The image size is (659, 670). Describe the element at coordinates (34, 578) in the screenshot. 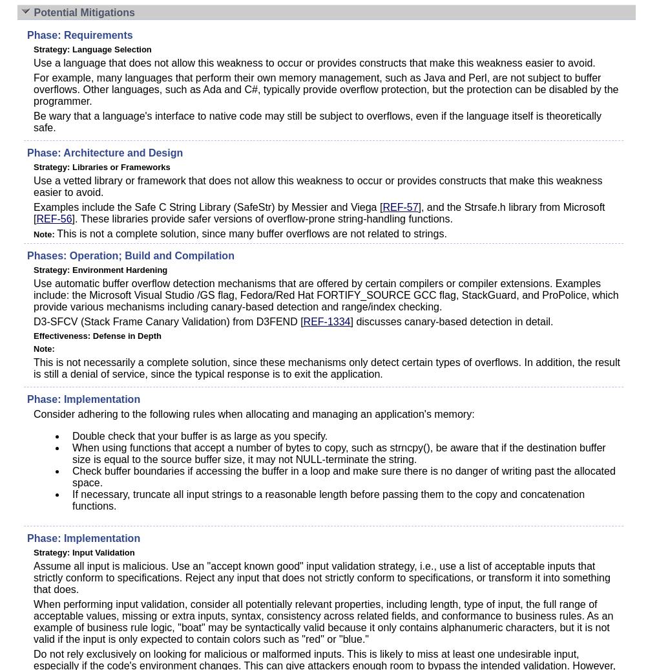

I see `'Assume all input is malicious. Use an "accept known good" input validation strategy, i.e., use a list of acceptable inputs that strictly conform to specifications. Reject any input that does not strictly conform to specifications, or transform it into something that does.'` at that location.